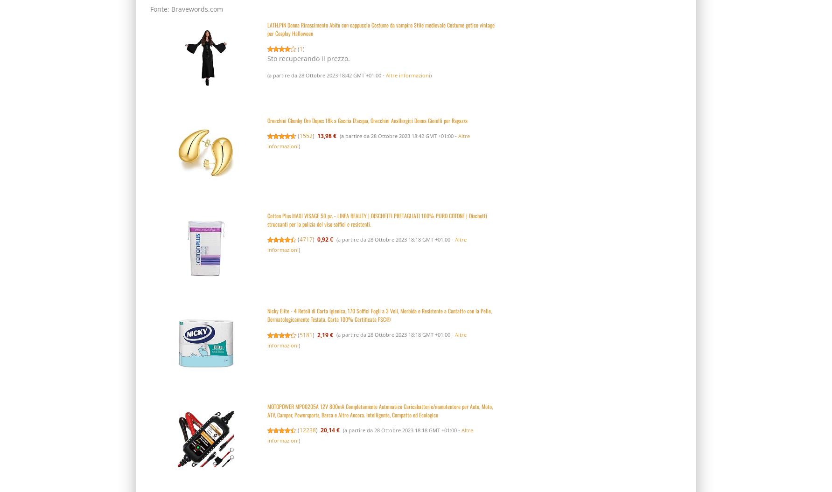 This screenshot has width=832, height=492. Describe the element at coordinates (329, 430) in the screenshot. I see `'20,14 €'` at that location.